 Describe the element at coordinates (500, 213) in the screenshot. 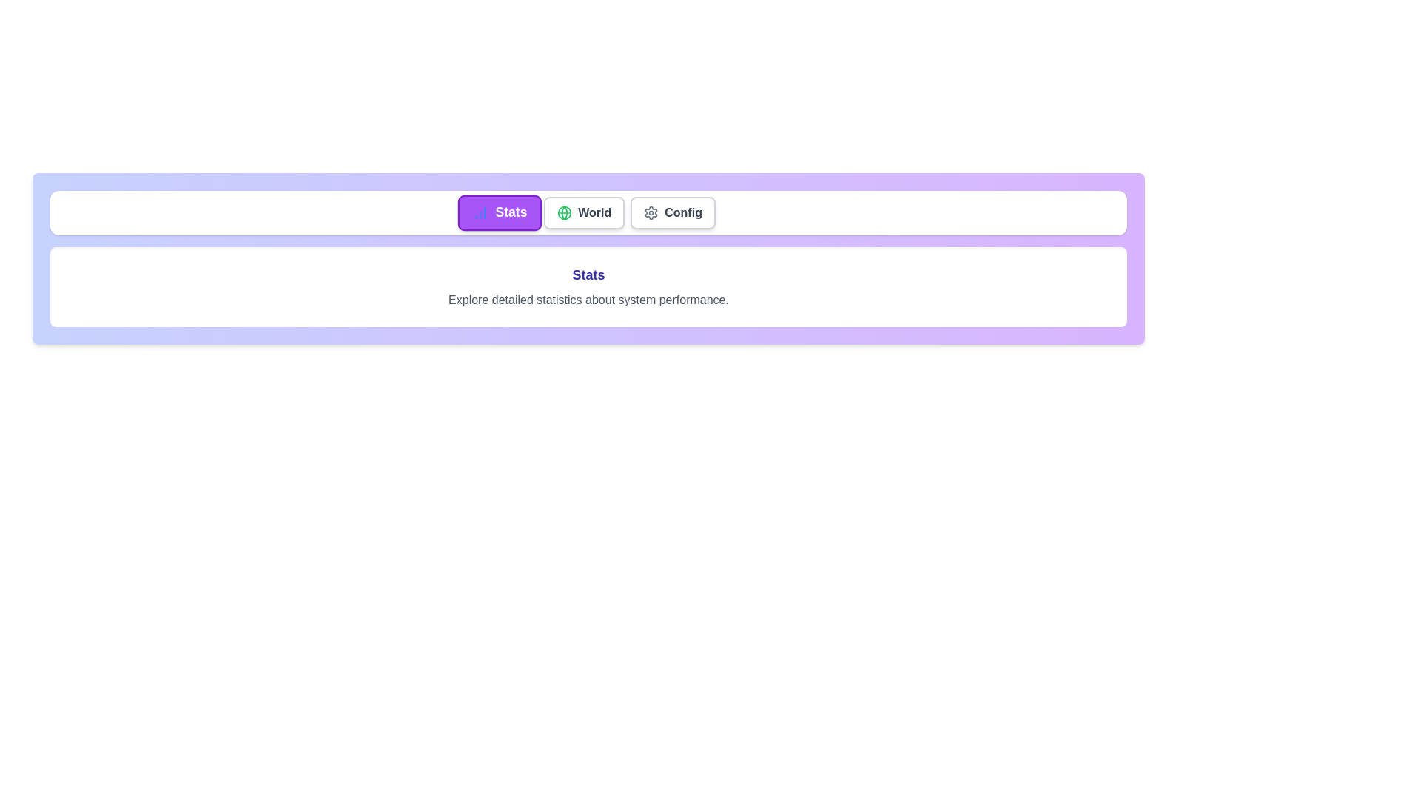

I see `the tab labeled Stats` at that location.